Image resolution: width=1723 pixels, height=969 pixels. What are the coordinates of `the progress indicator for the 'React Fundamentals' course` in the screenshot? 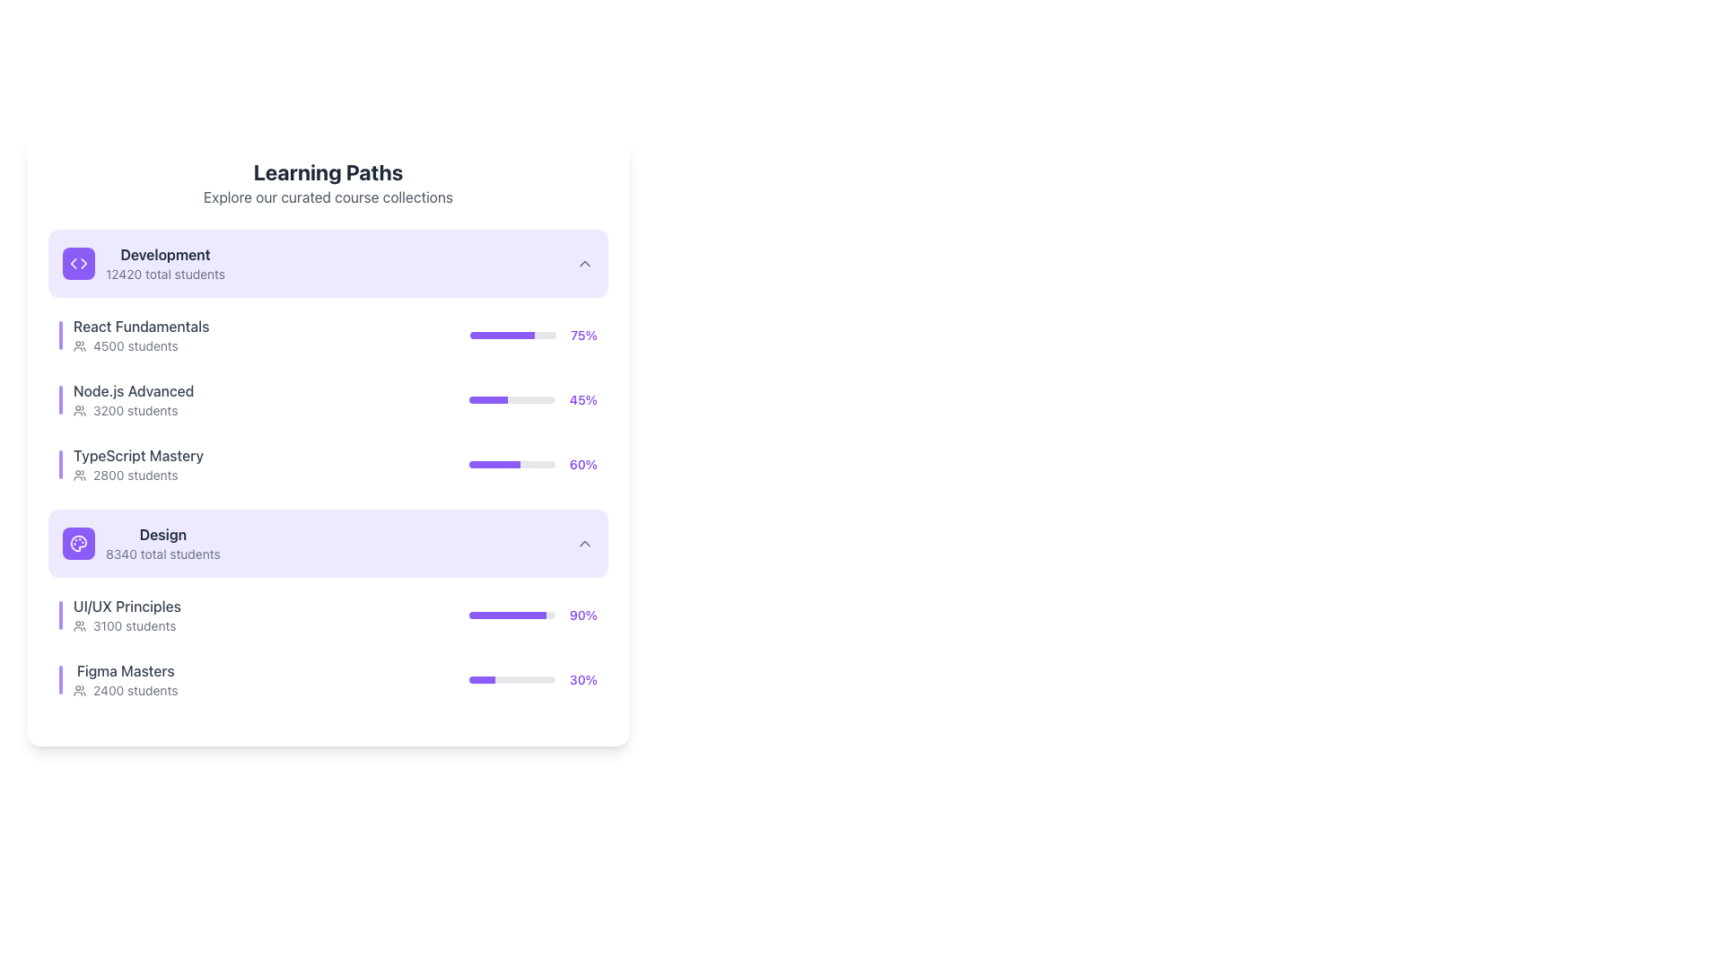 It's located at (533, 336).